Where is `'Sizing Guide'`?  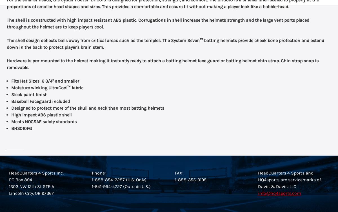
'Sizing Guide' is located at coordinates (6, 147).